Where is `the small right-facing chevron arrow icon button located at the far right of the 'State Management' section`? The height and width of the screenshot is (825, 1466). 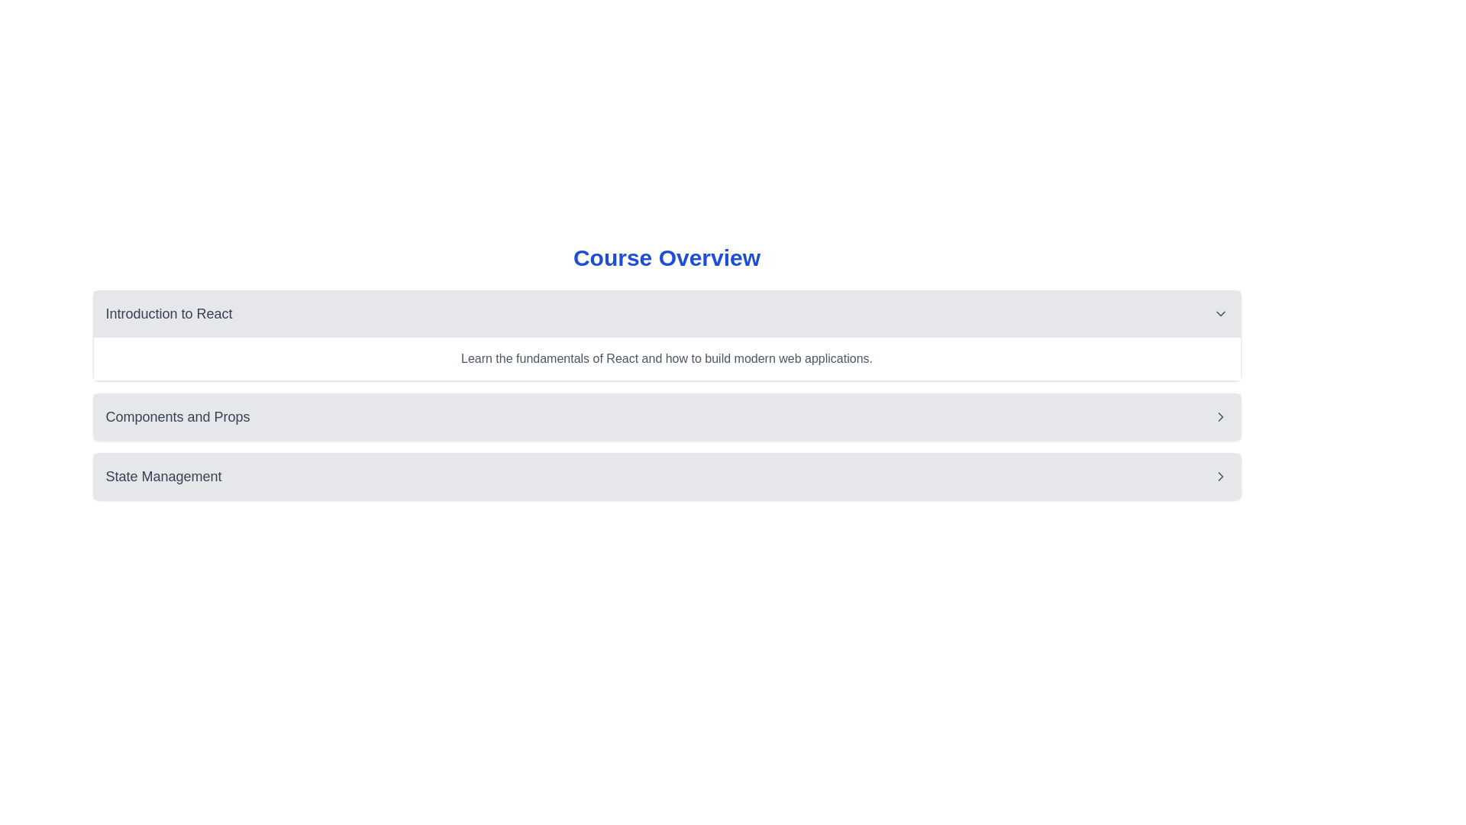 the small right-facing chevron arrow icon button located at the far right of the 'State Management' section is located at coordinates (1219, 476).